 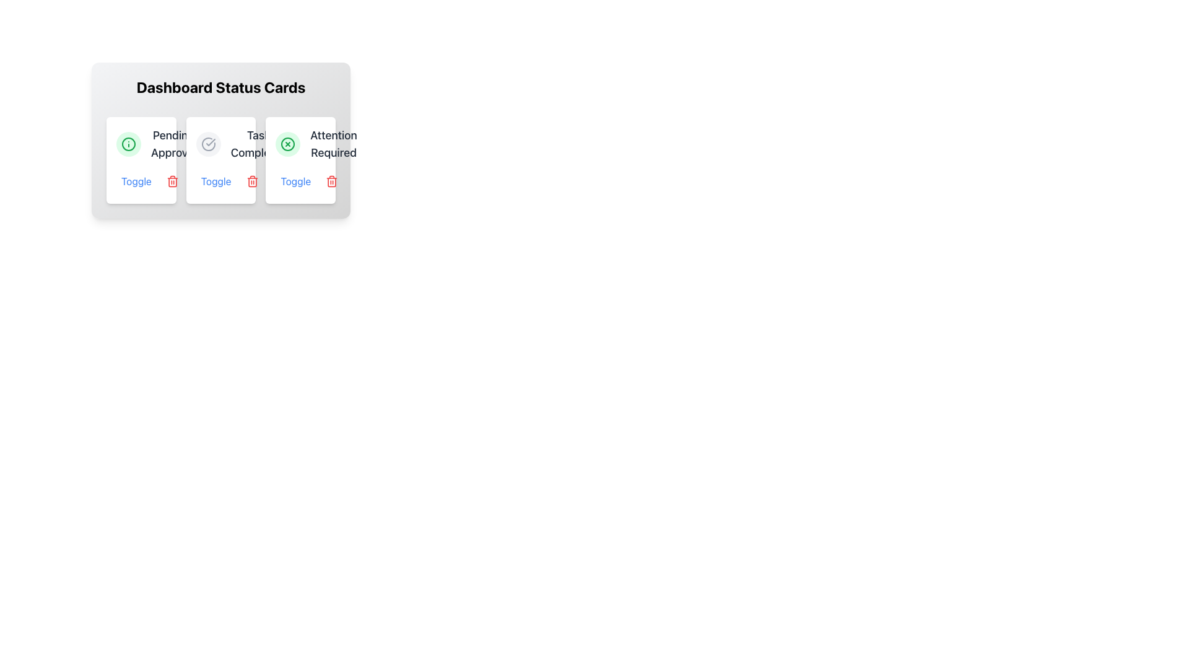 What do you see at coordinates (287, 143) in the screenshot?
I see `the decorative SVG graphical element representing 'Attention Required' on the far right of the 'Dashboard Status Cards' interface` at bounding box center [287, 143].